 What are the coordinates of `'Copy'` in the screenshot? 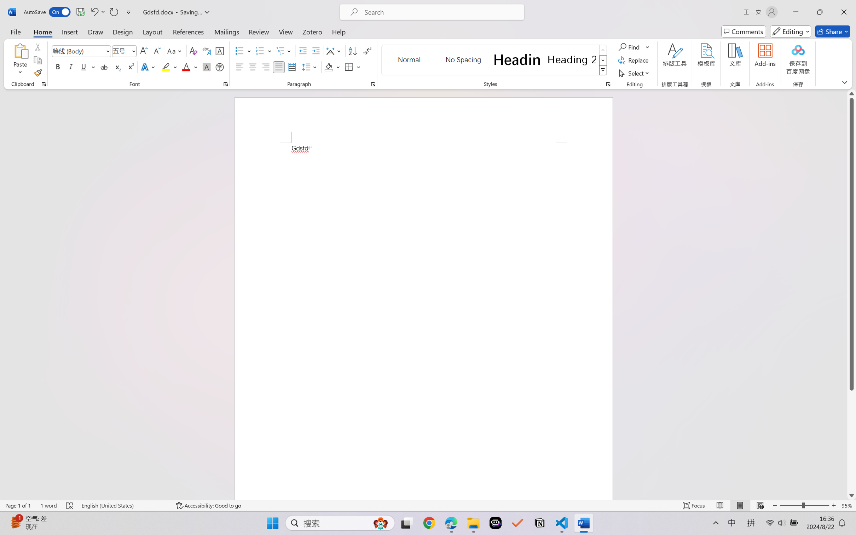 It's located at (37, 60).